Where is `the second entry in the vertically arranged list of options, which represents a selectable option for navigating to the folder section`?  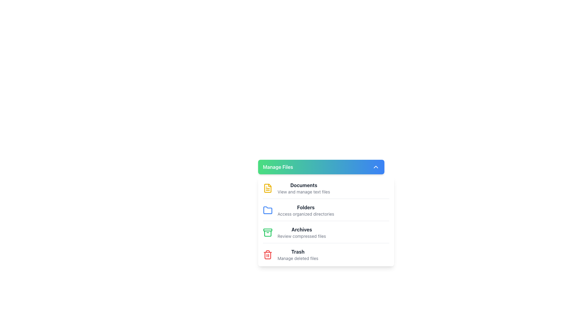 the second entry in the vertically arranged list of options, which represents a selectable option for navigating to the folder section is located at coordinates (306, 210).